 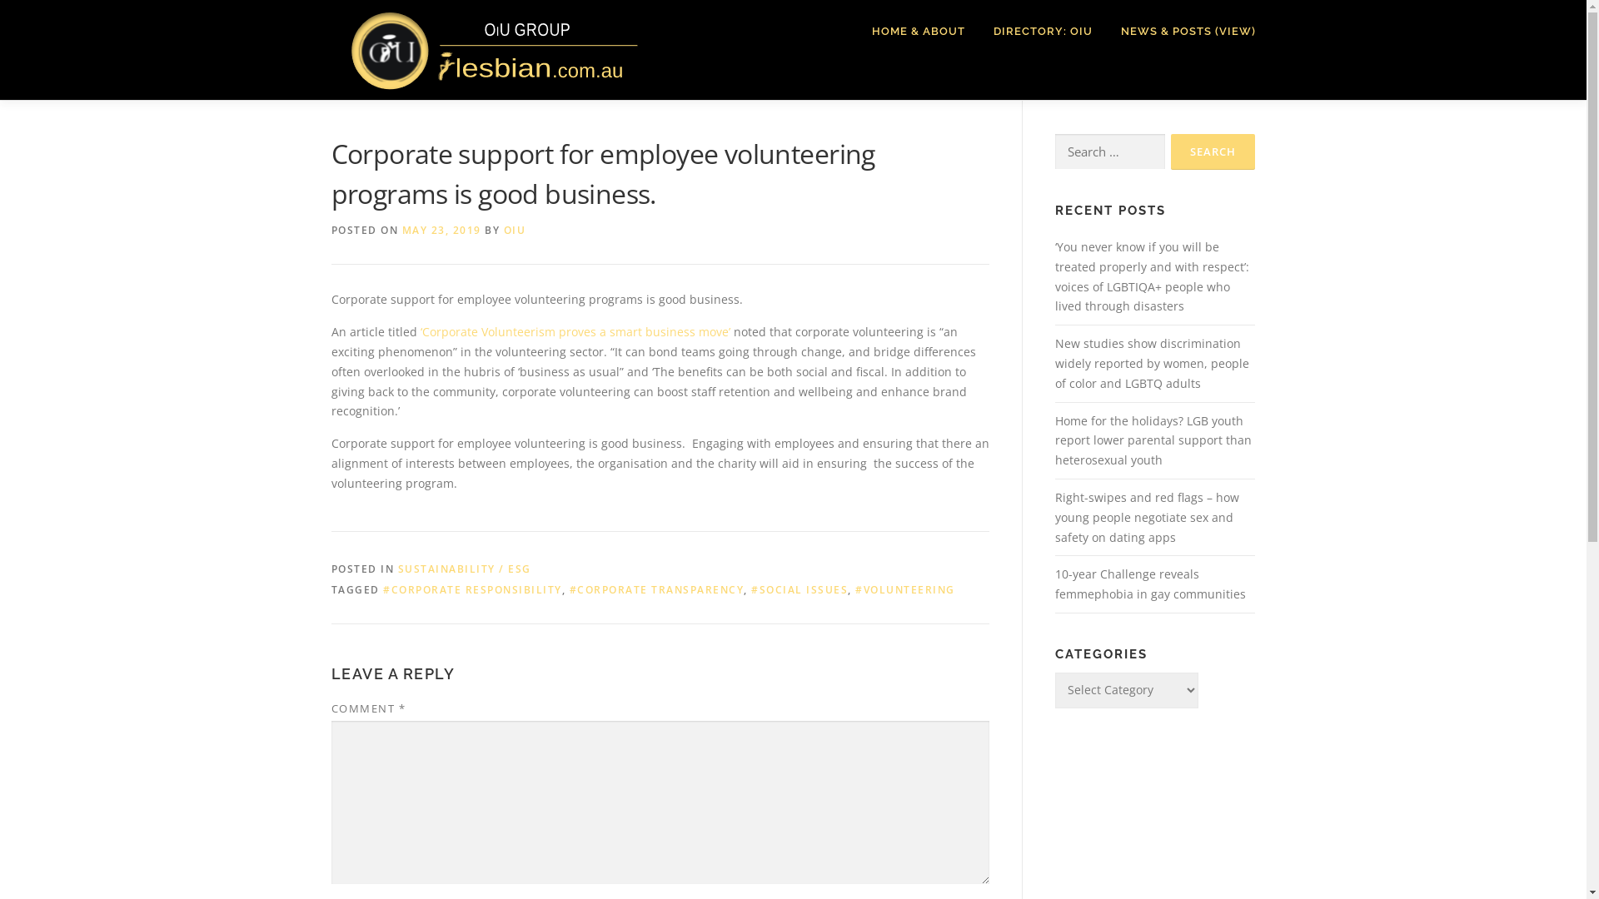 I want to click on 'OIU', so click(x=513, y=230).